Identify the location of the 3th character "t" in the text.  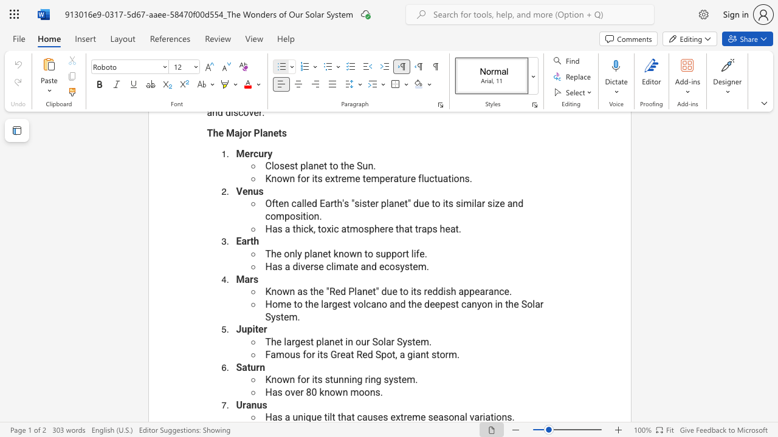
(400, 379).